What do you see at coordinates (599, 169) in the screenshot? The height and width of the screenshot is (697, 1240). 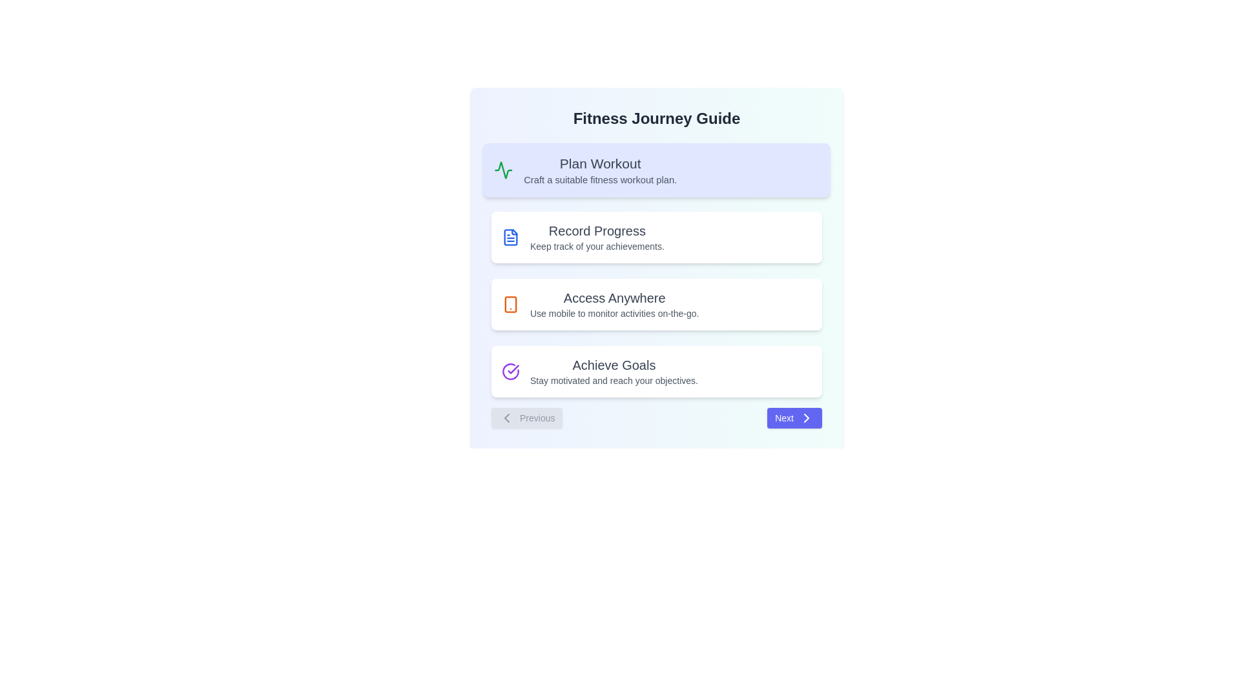 I see `the Informative text element that introduces the feature of planning a workout, which includes a heading and subtext, located to the right of a heart rate line icon` at bounding box center [599, 169].